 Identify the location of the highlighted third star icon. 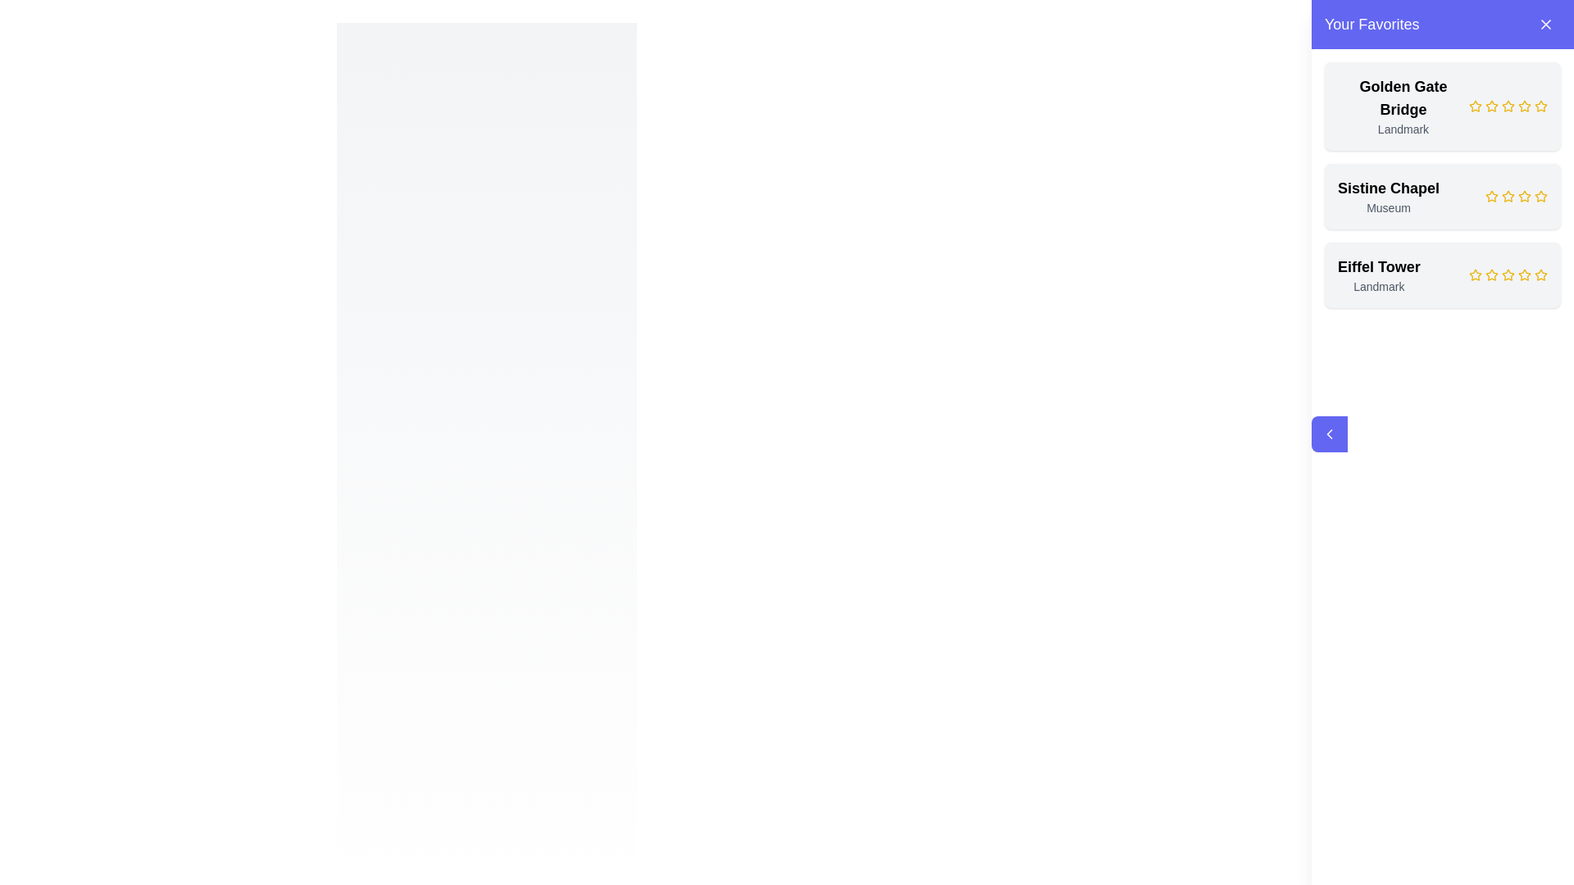
(1508, 274).